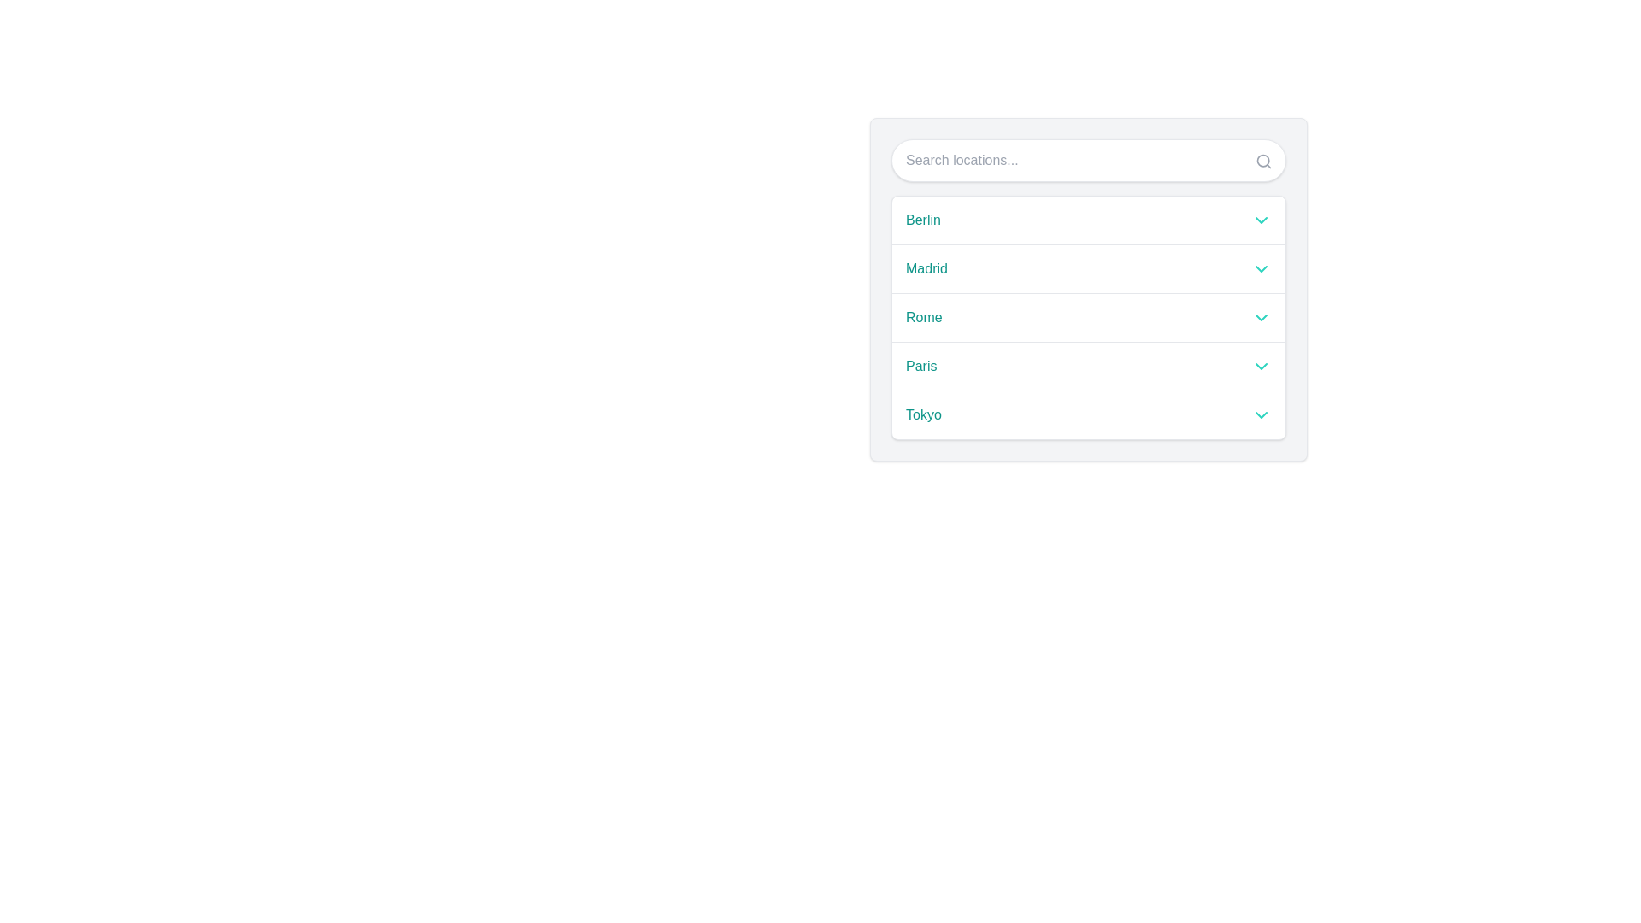 This screenshot has width=1641, height=923. What do you see at coordinates (1262, 220) in the screenshot?
I see `the visual indicator icon for the 'Berlin' entry` at bounding box center [1262, 220].